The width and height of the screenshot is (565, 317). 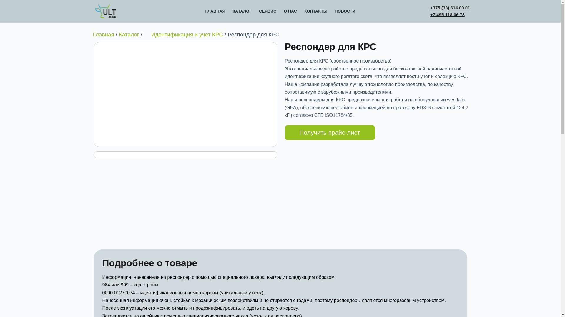 What do you see at coordinates (447, 14) in the screenshot?
I see `'+7 495 118 06 73'` at bounding box center [447, 14].